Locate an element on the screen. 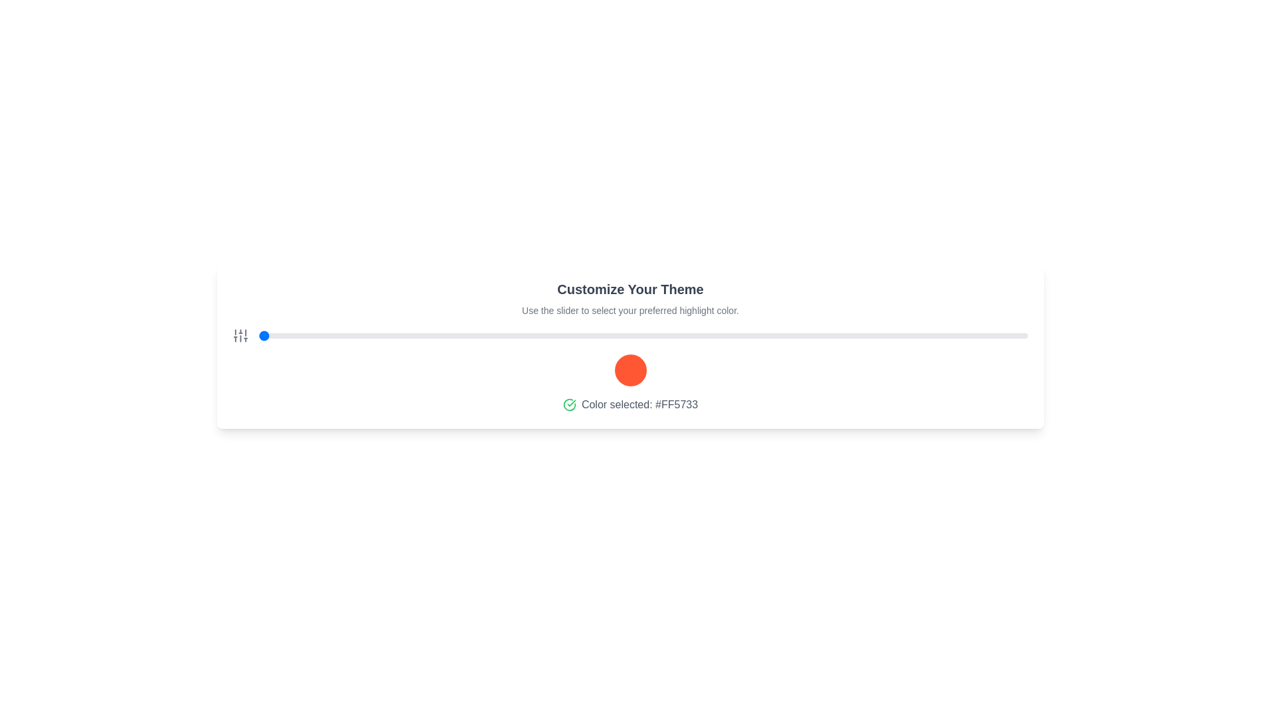 This screenshot has width=1275, height=717. the slider is located at coordinates (671, 335).